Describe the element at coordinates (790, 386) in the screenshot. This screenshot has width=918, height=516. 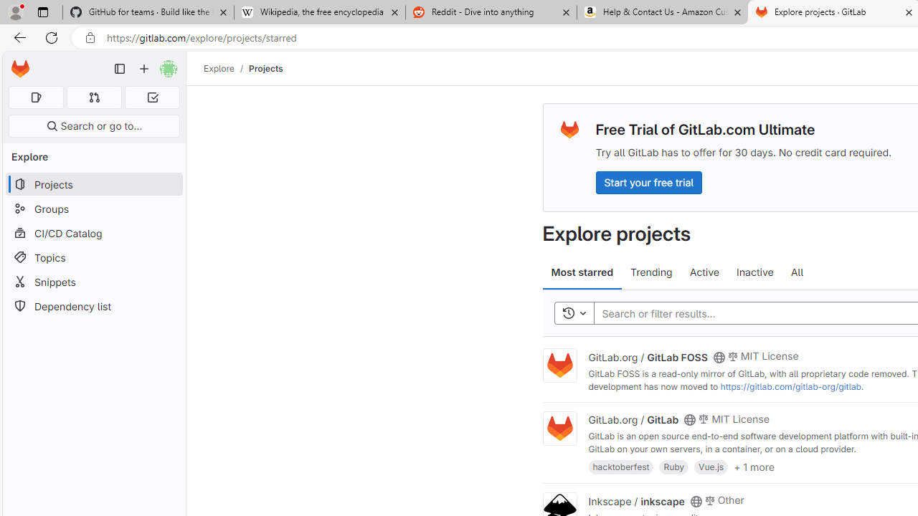
I see `'https://gitlab.com/gitlab-org/gitlab'` at that location.